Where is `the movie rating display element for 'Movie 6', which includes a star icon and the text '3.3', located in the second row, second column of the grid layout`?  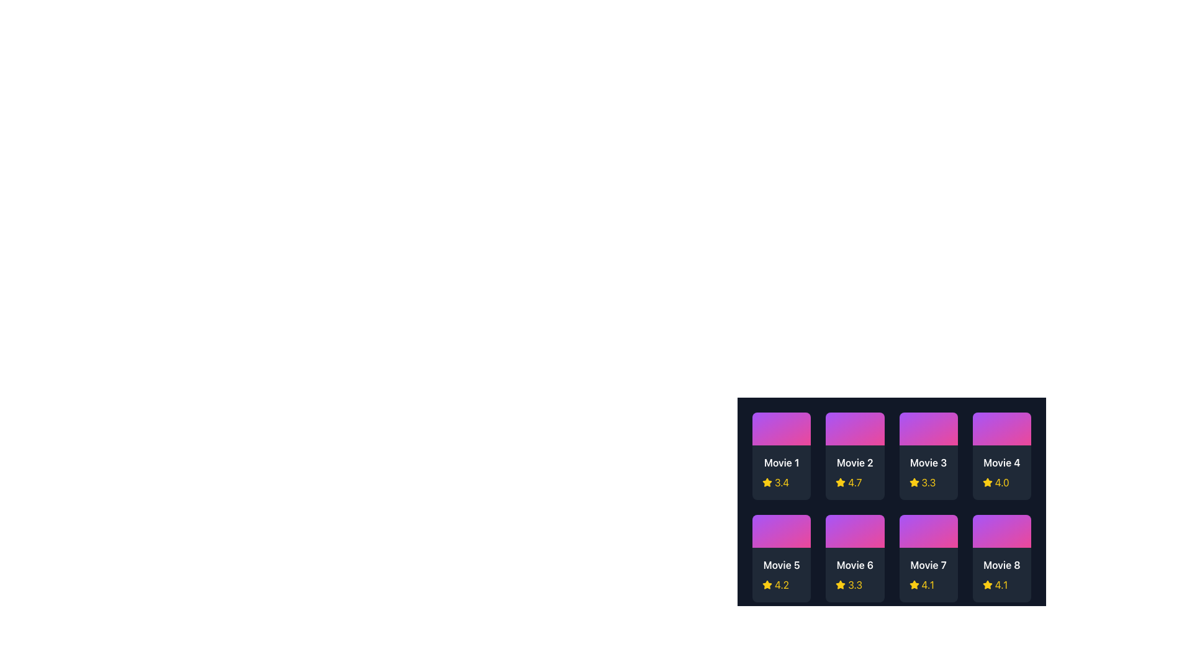 the movie rating display element for 'Movie 6', which includes a star icon and the text '3.3', located in the second row, second column of the grid layout is located at coordinates (854, 585).